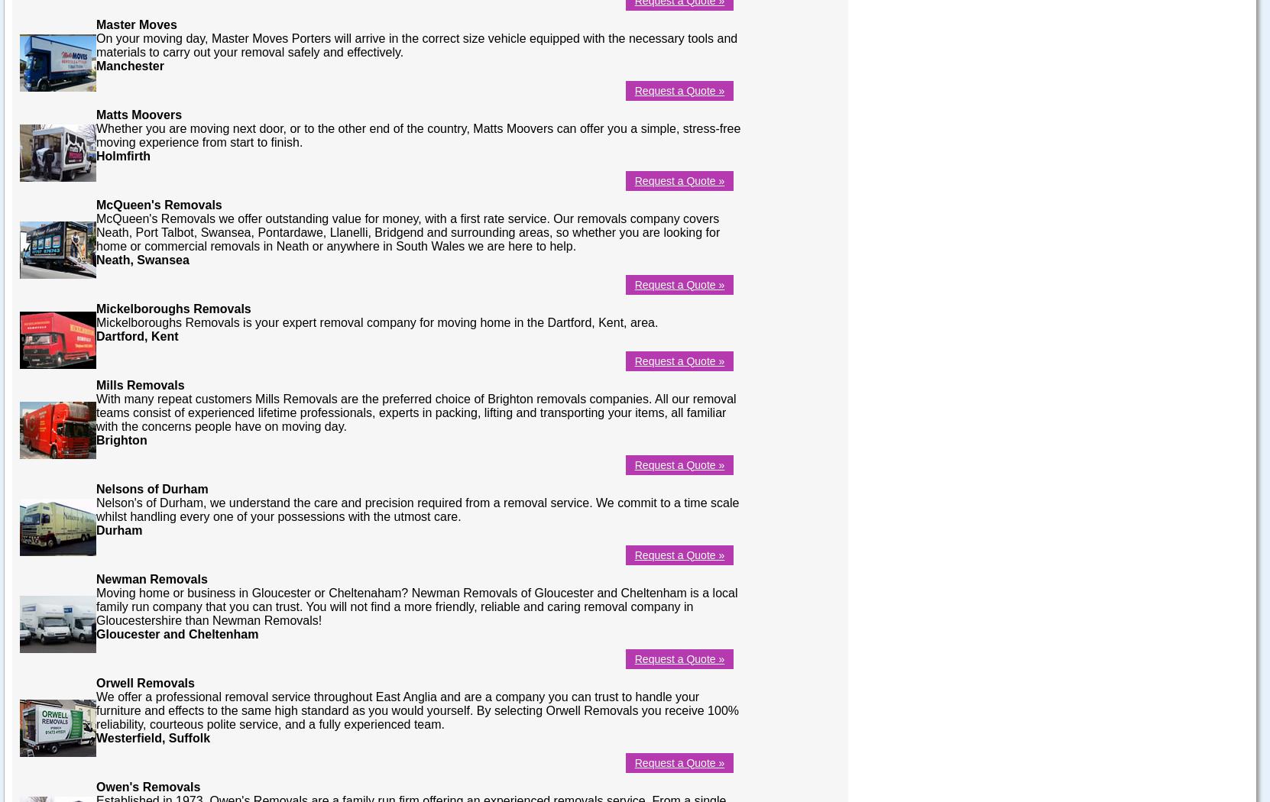  I want to click on 'Neath, Swansea', so click(96, 258).